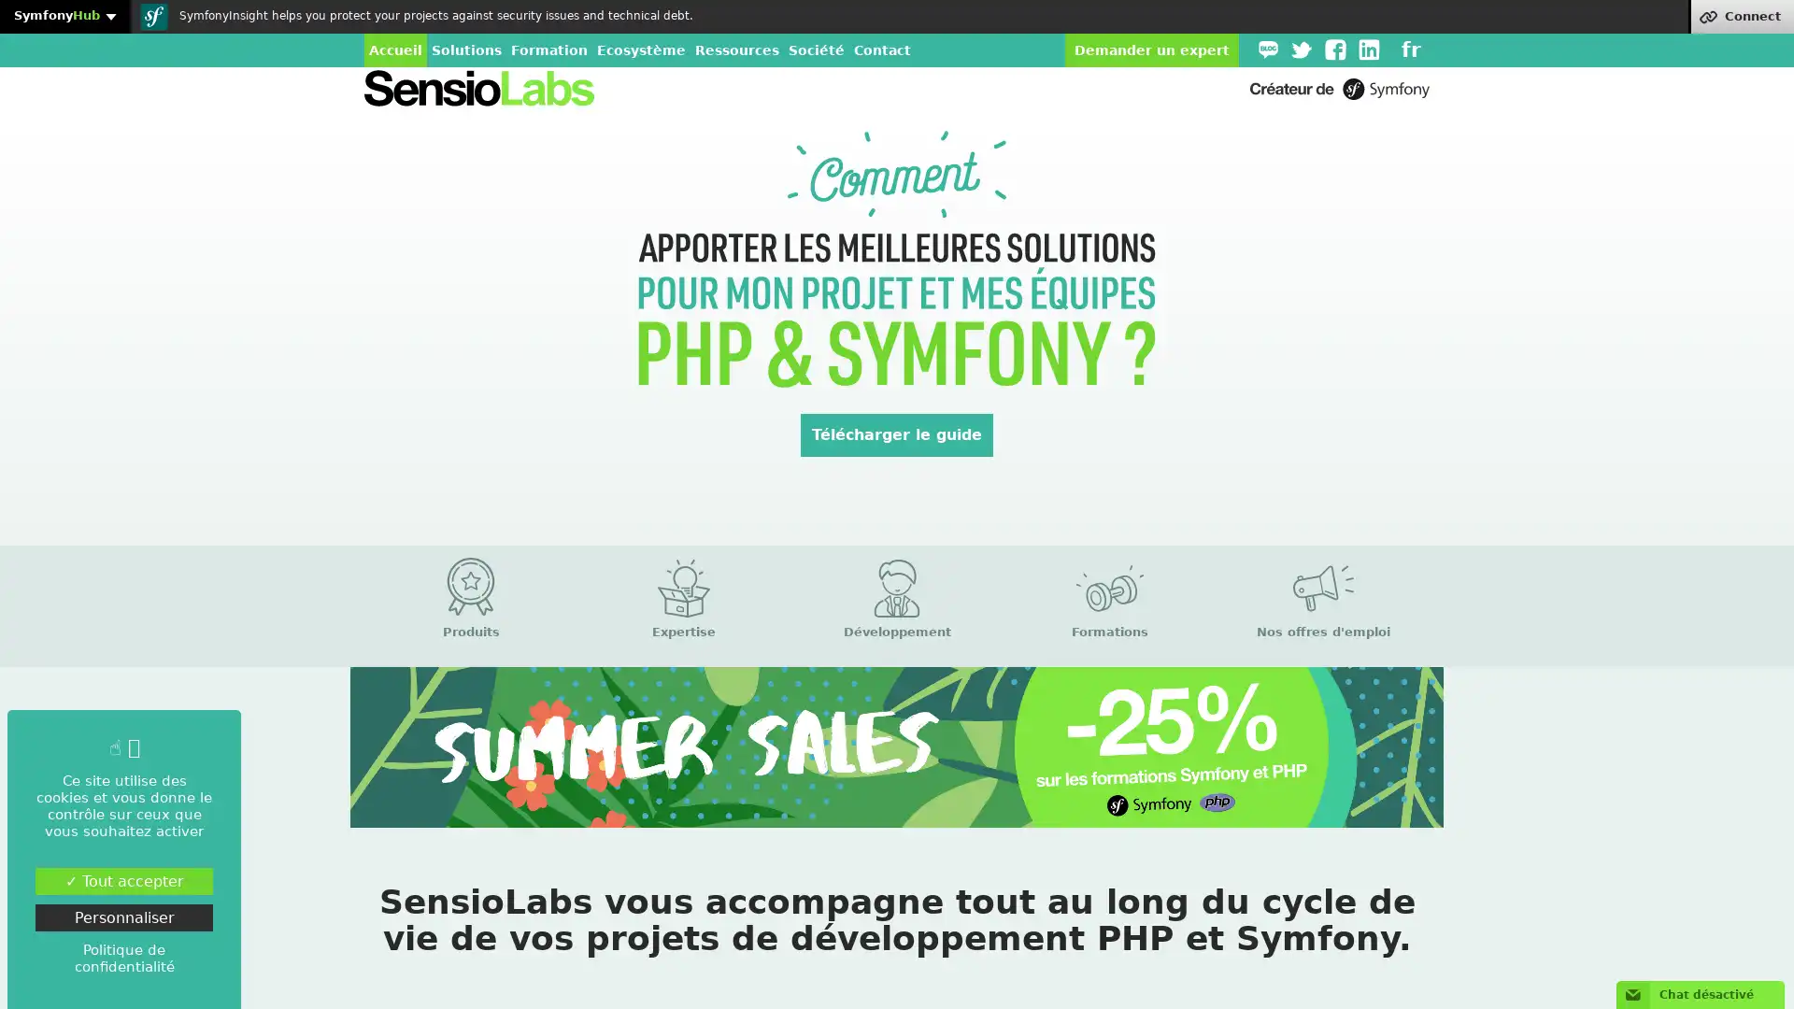  I want to click on Politique de confidentialite, so click(123, 959).